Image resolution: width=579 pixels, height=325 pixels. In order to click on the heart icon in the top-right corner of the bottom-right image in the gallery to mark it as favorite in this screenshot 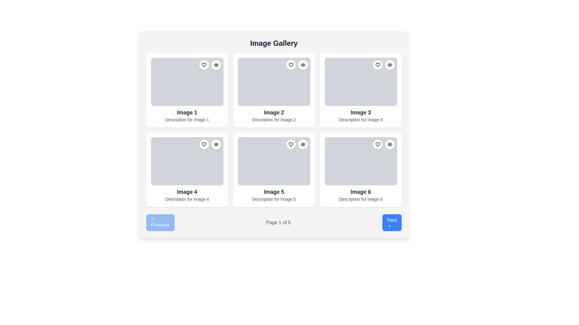, I will do `click(383, 144)`.